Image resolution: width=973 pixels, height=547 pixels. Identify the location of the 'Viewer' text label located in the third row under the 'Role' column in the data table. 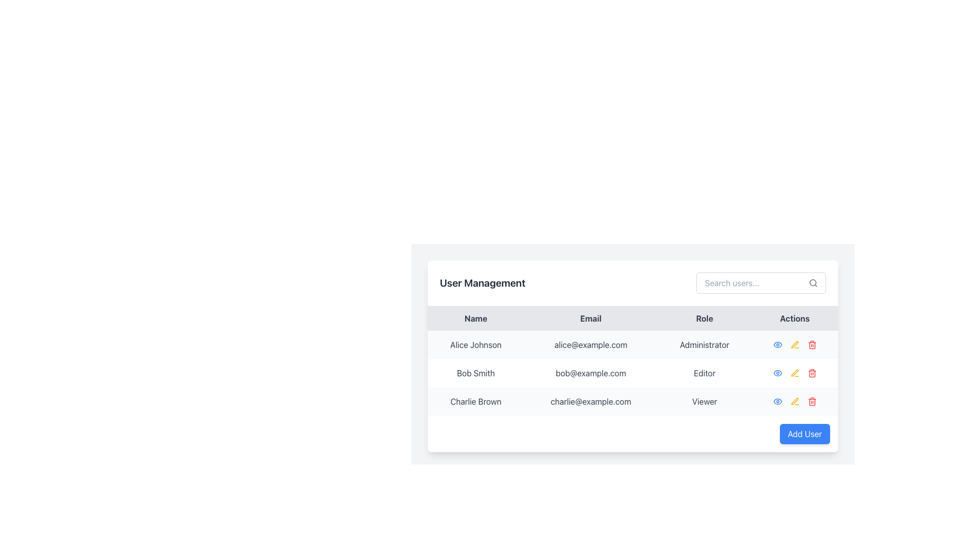
(704, 401).